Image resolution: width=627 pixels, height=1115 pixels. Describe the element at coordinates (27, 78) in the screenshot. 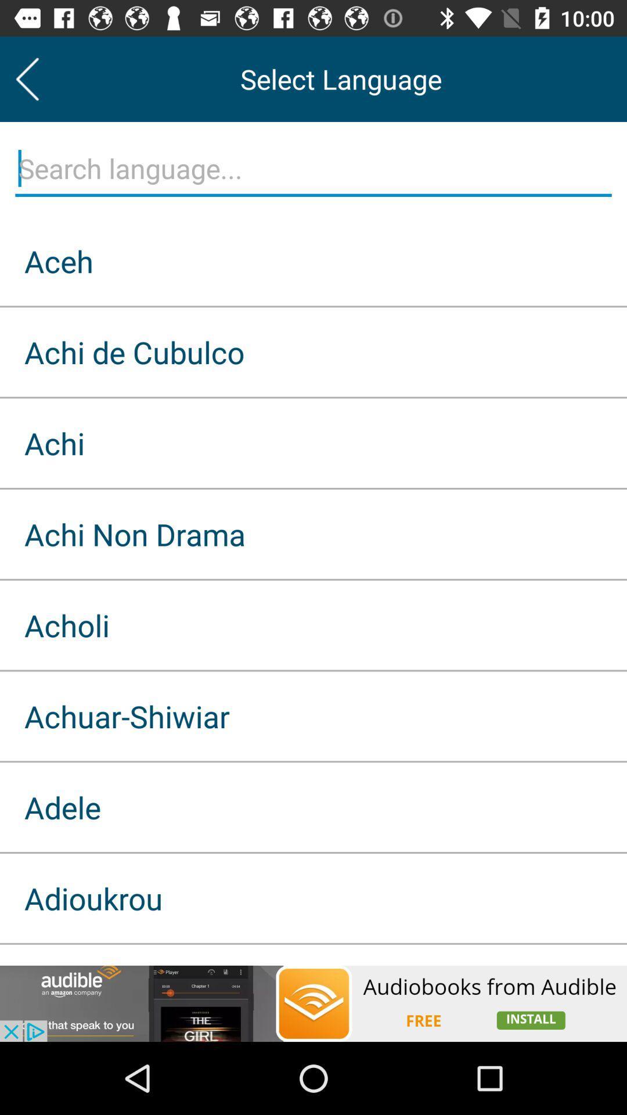

I see `go back` at that location.